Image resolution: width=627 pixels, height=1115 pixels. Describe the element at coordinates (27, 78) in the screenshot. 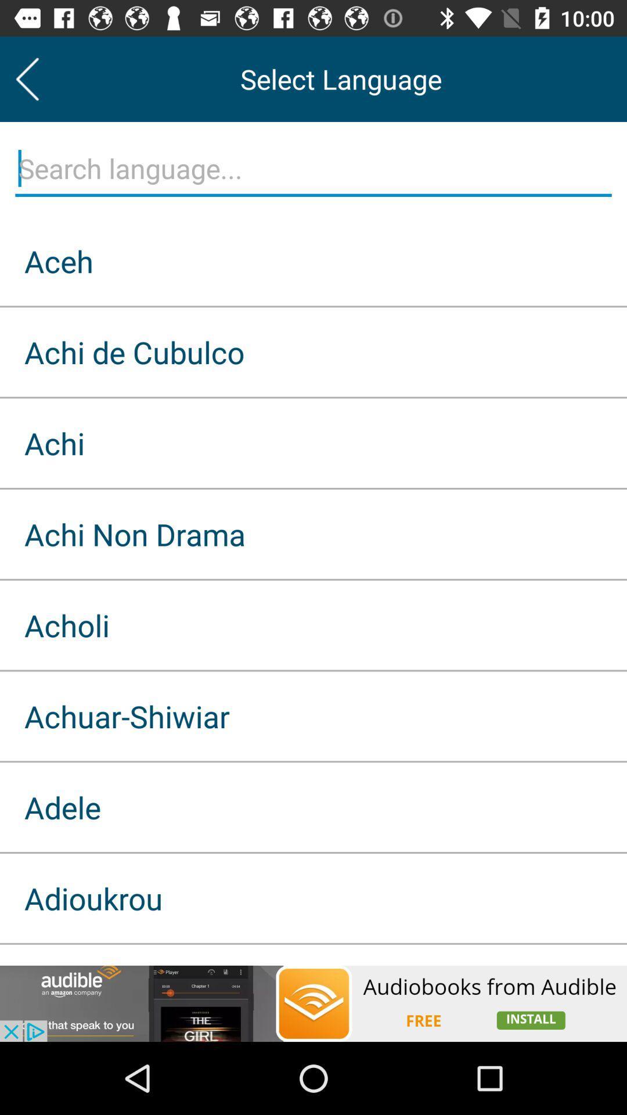

I see `go back` at that location.